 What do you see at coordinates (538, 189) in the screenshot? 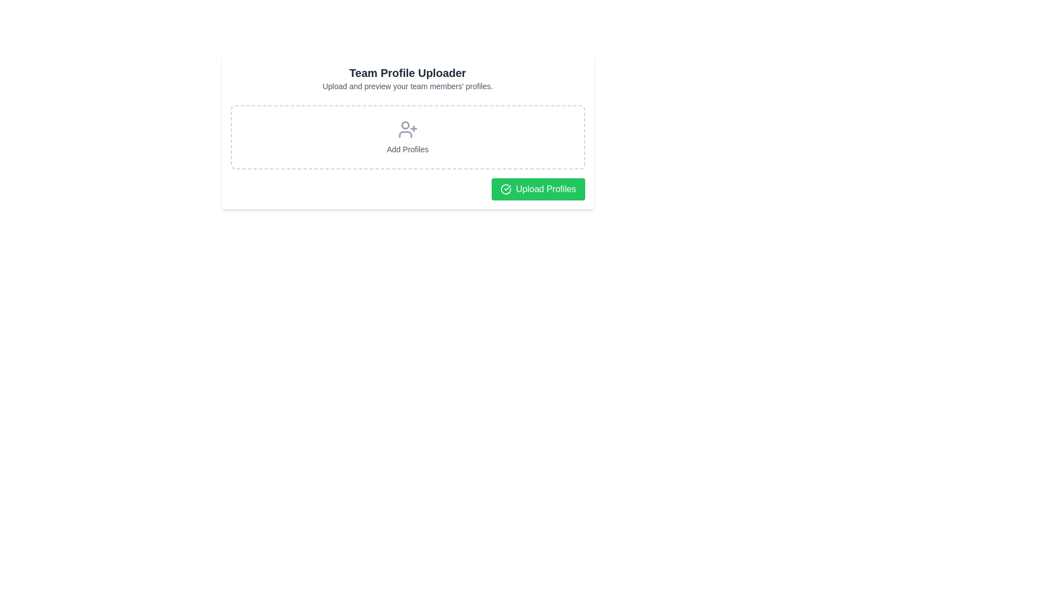
I see `the button located in the bottom-right corner of the 'text-right mt-4' grouping area` at bounding box center [538, 189].